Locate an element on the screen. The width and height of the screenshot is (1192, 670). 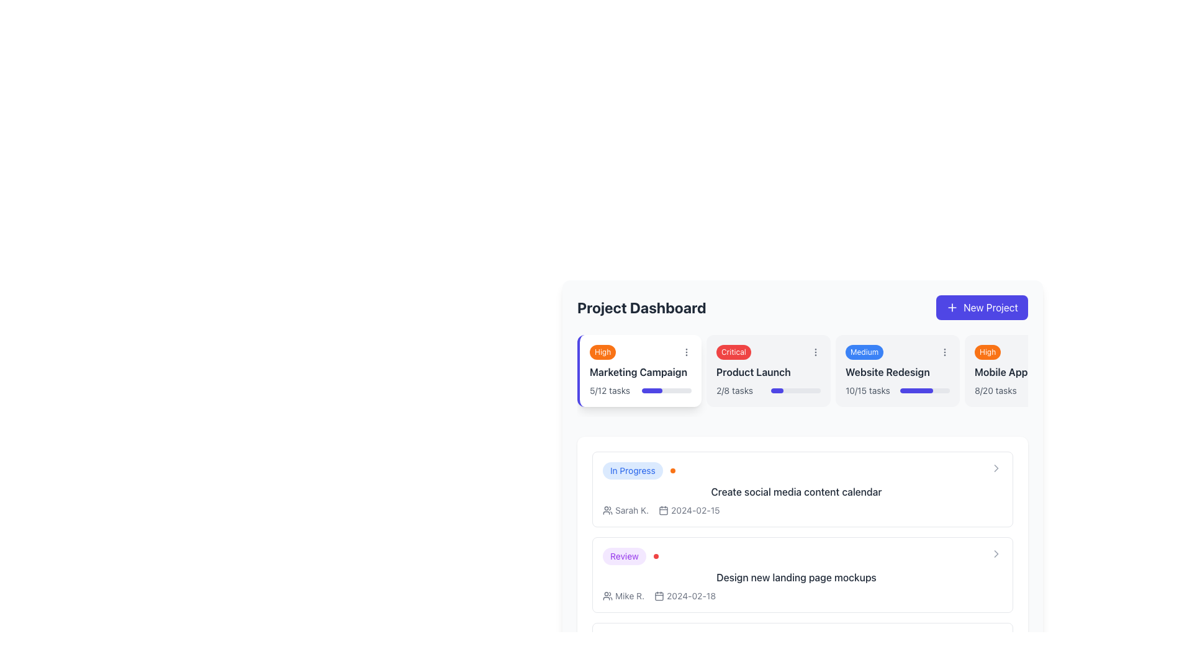
text content of the Text Label displaying 'Website Redesign', which is centrally located in the third project card on the dashboard interface is located at coordinates (897, 372).